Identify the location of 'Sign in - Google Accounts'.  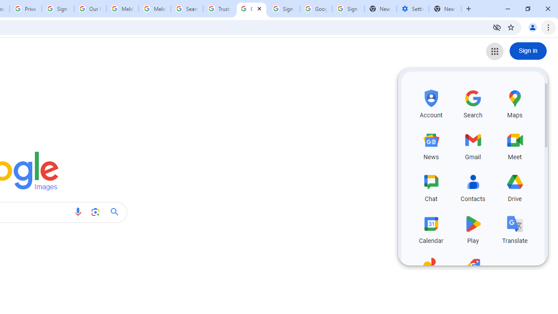
(58, 9).